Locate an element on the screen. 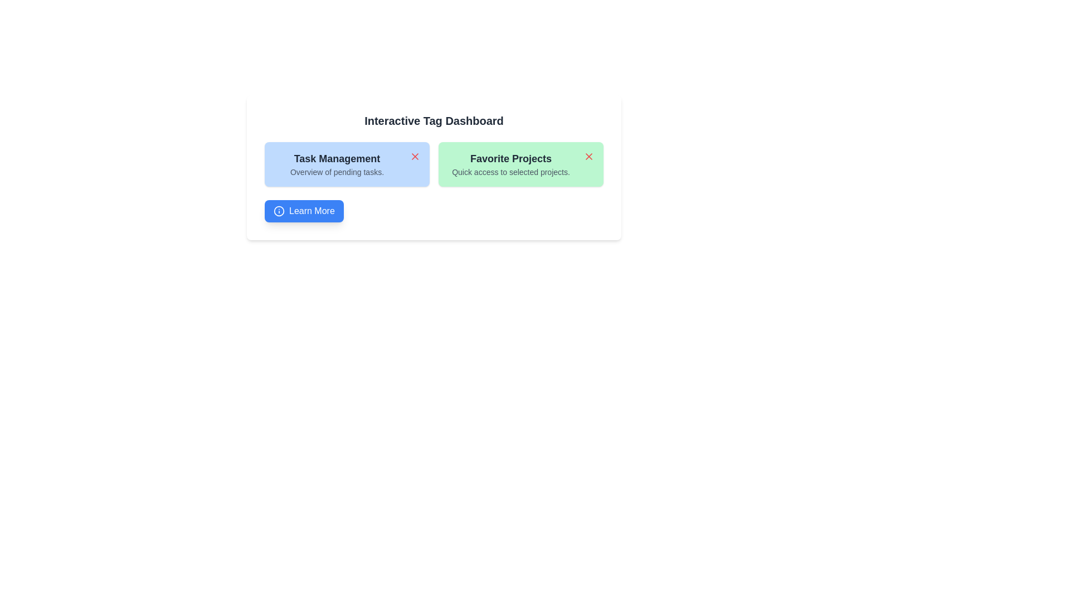 This screenshot has width=1070, height=602. the 'Learn More' button located below the 'Task Management' section of the 'Interactive Tag Dashboard' is located at coordinates (304, 211).